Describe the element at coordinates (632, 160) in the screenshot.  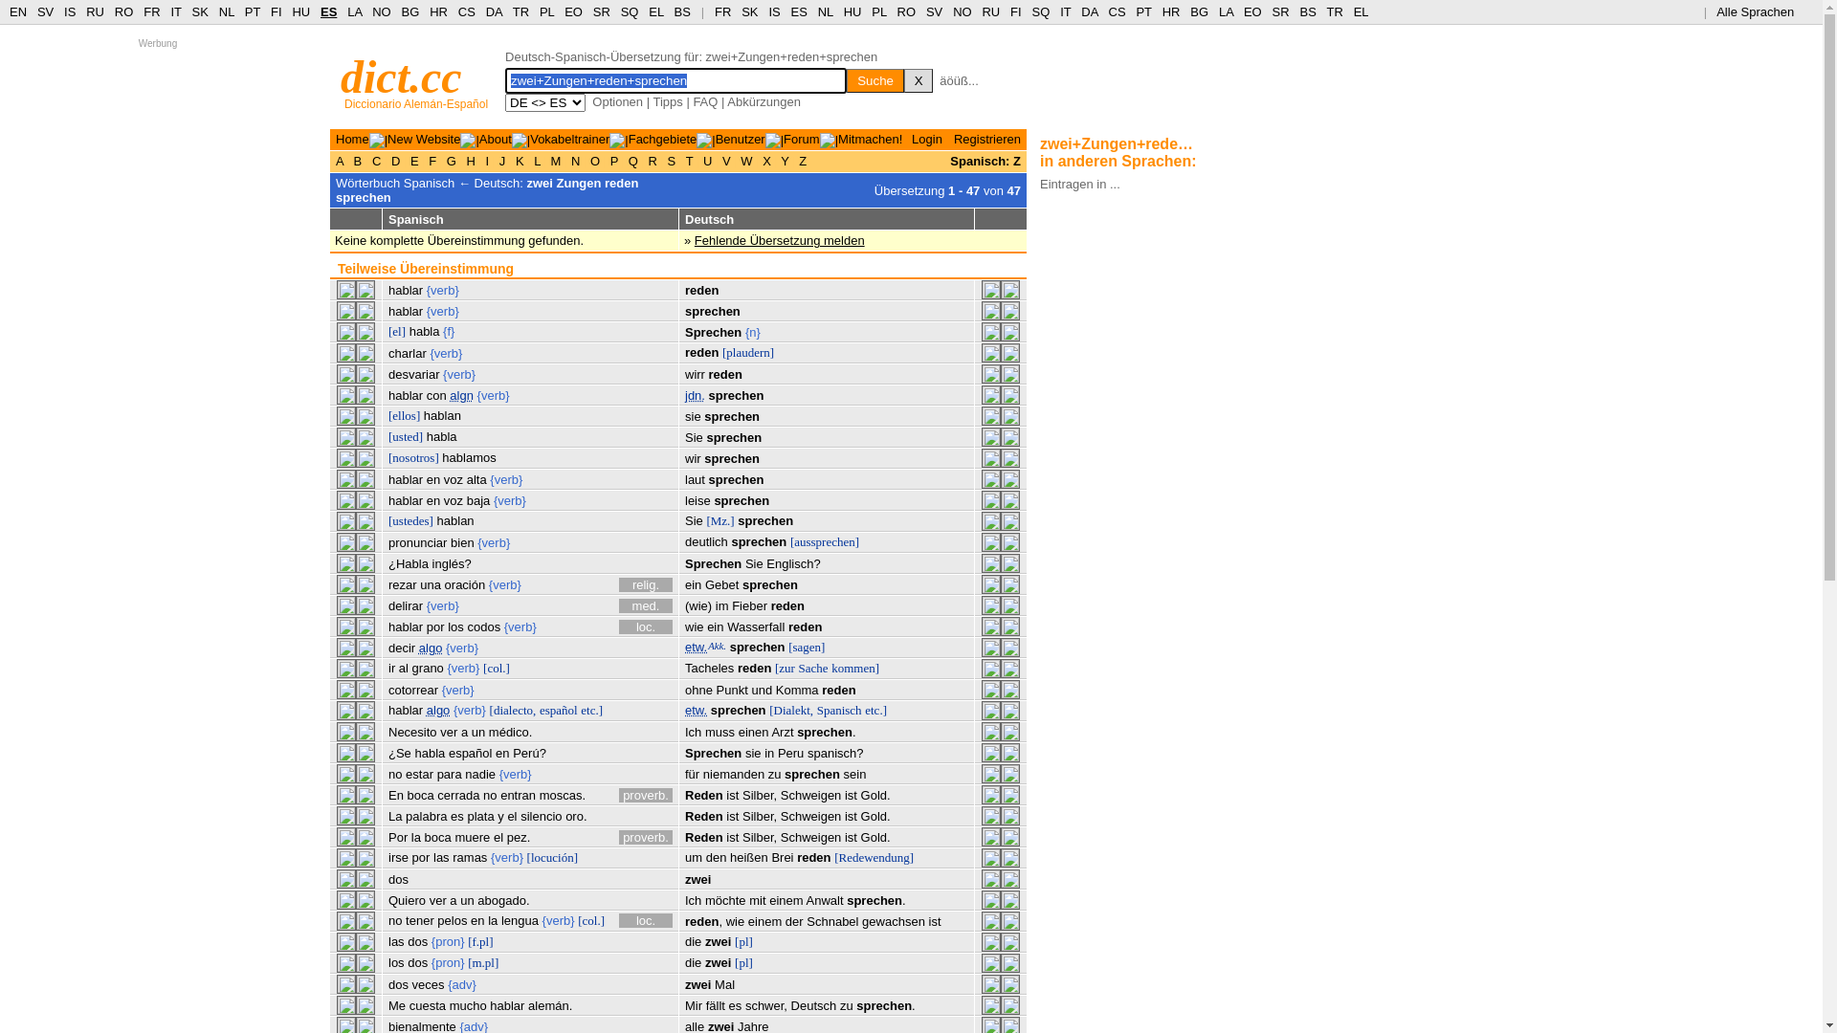
I see `'Q'` at that location.